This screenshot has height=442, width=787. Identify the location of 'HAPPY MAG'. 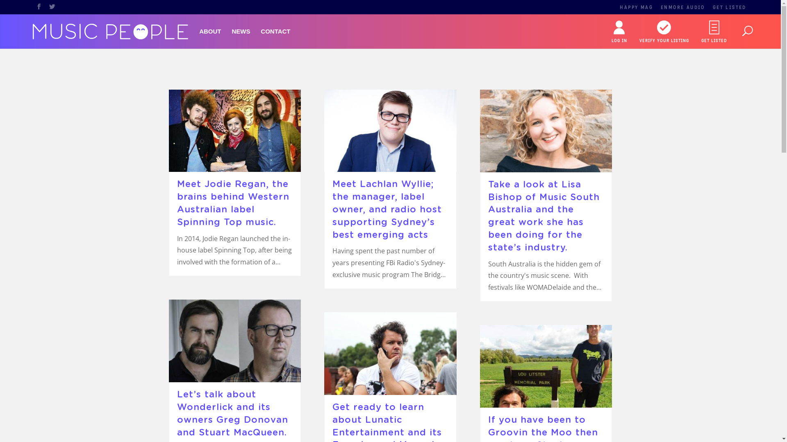
(636, 7).